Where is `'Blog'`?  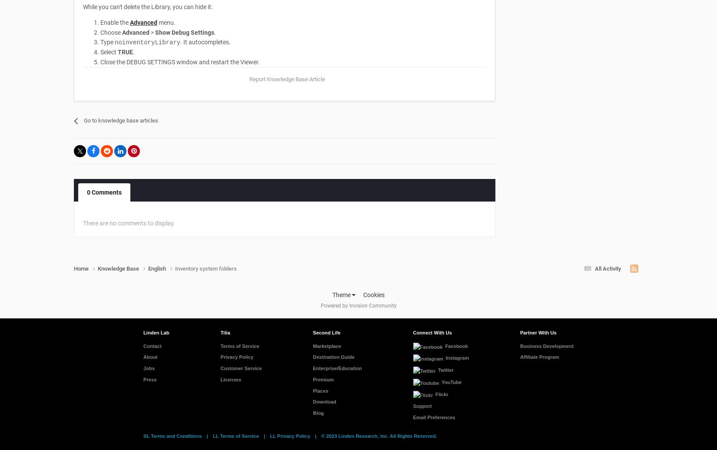
'Blog' is located at coordinates (318, 413).